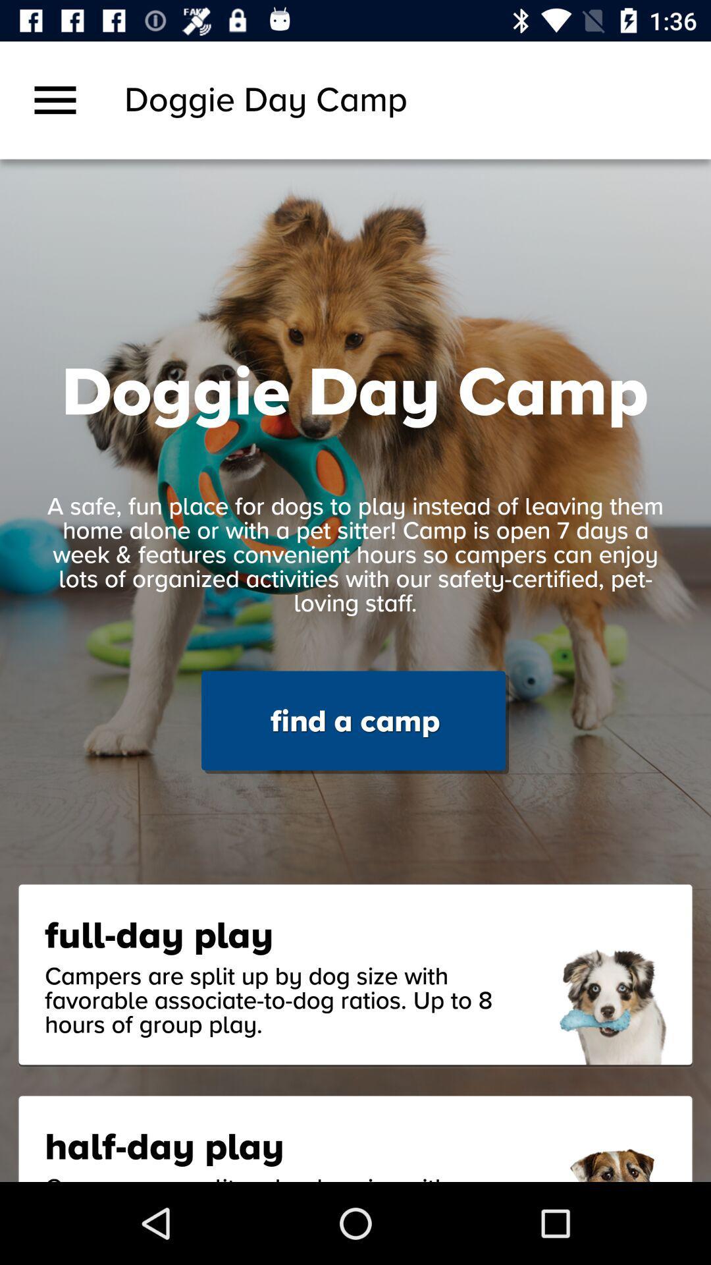 This screenshot has height=1265, width=711. What do you see at coordinates (55, 99) in the screenshot?
I see `icon to the left of doggie day camp icon` at bounding box center [55, 99].